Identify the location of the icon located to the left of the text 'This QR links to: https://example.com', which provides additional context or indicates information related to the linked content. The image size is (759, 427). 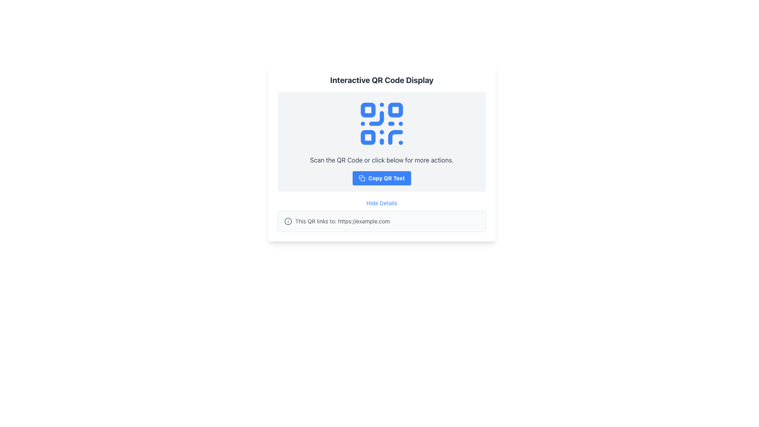
(288, 221).